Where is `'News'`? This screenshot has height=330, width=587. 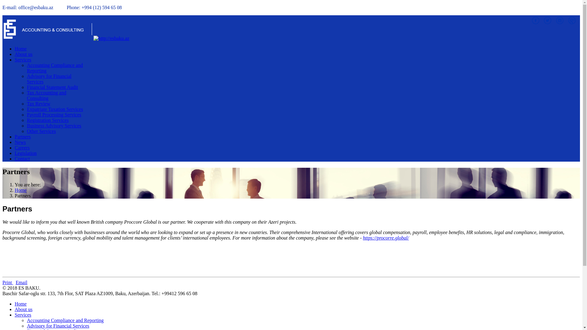
'News' is located at coordinates (20, 142).